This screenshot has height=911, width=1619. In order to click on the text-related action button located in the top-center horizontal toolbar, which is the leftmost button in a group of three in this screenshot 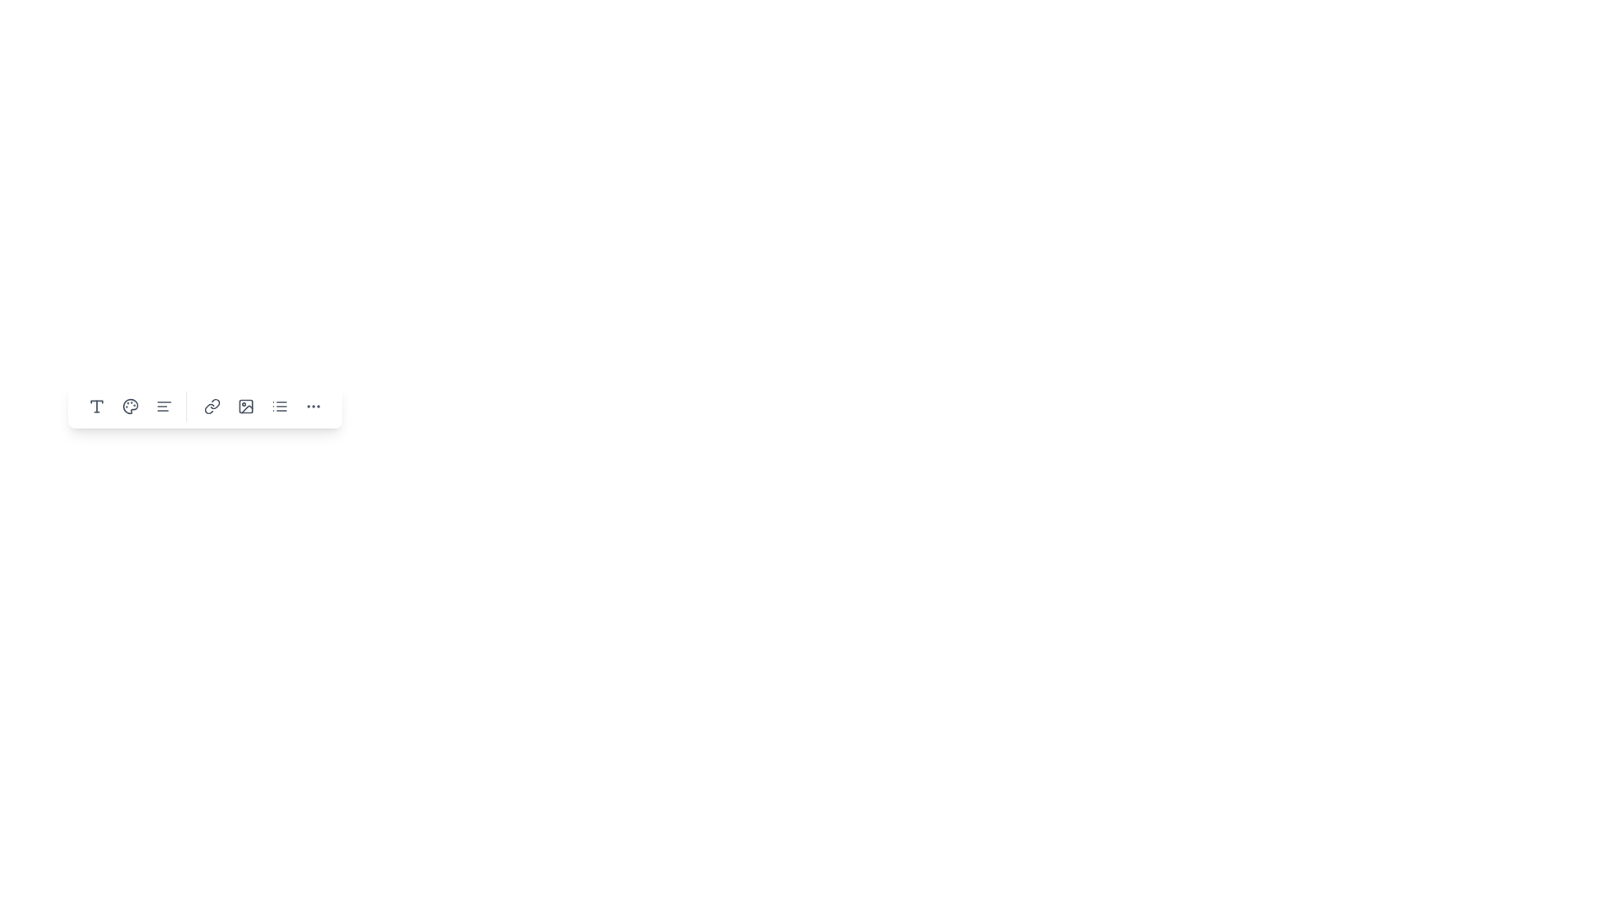, I will do `click(96, 407)`.